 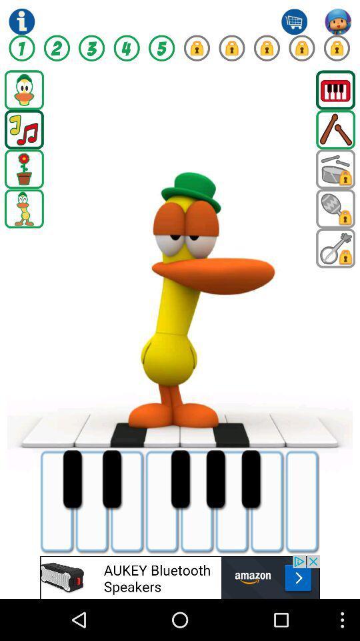 I want to click on shaker, so click(x=335, y=208).